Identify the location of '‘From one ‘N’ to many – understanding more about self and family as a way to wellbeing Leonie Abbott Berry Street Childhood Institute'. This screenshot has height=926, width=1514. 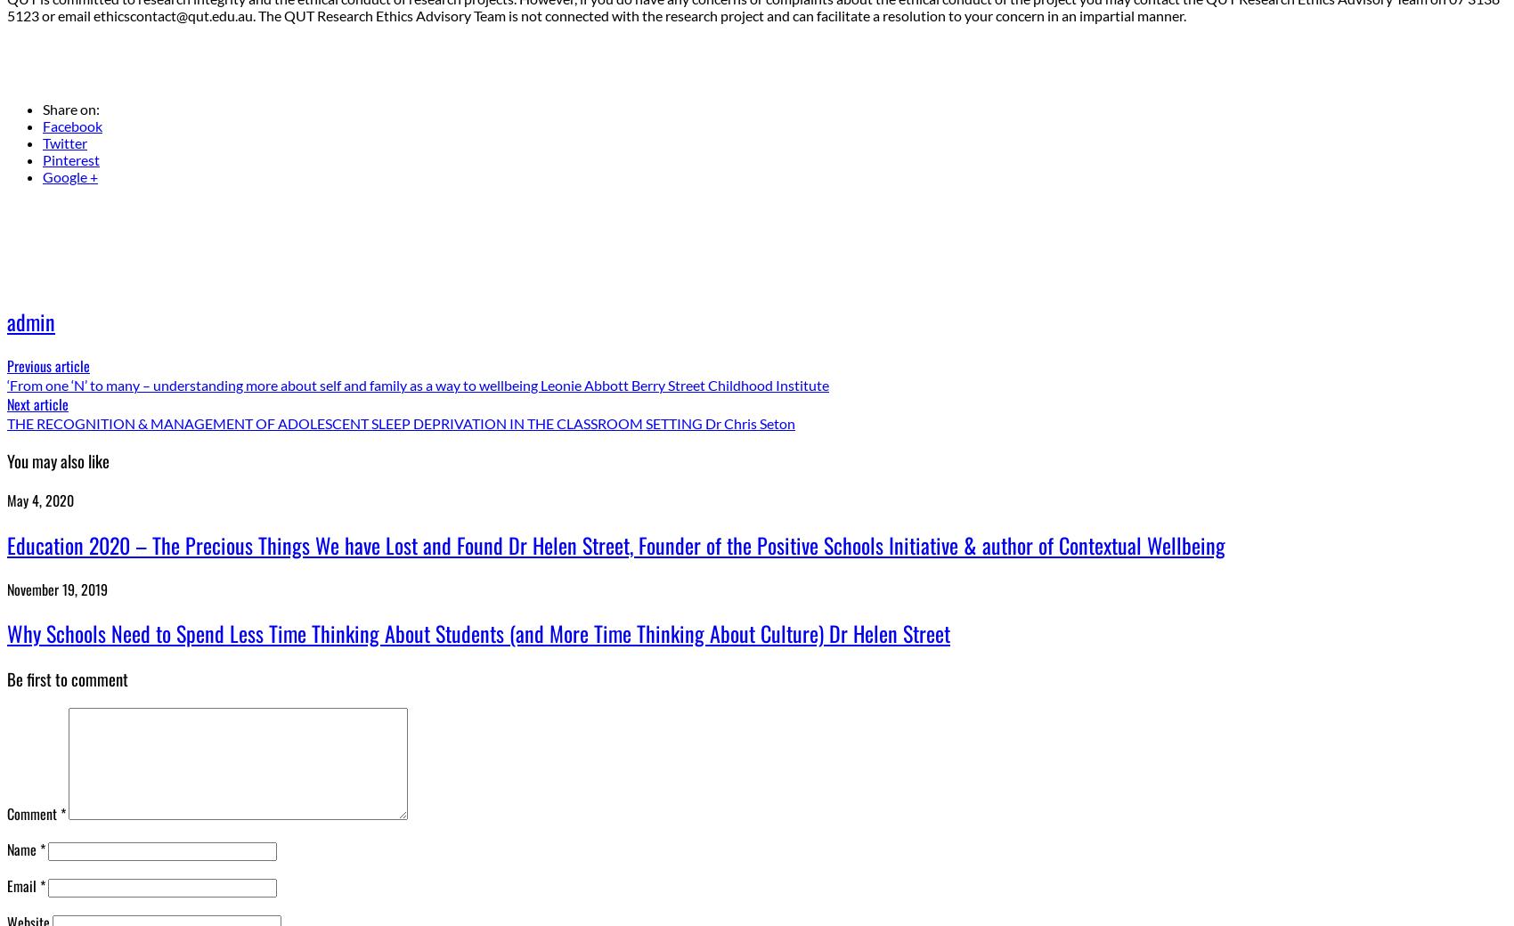
(418, 385).